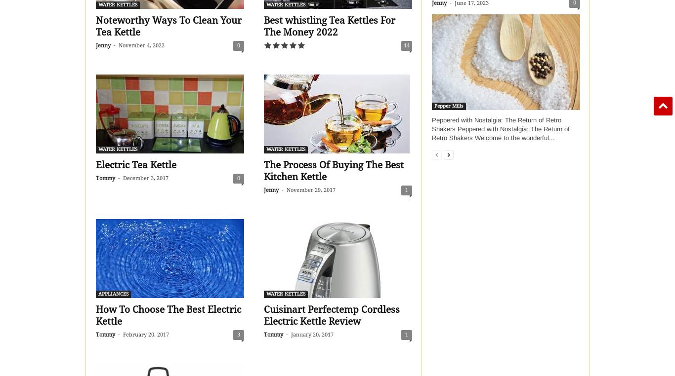  What do you see at coordinates (135, 165) in the screenshot?
I see `'Electric Tea Kettle'` at bounding box center [135, 165].